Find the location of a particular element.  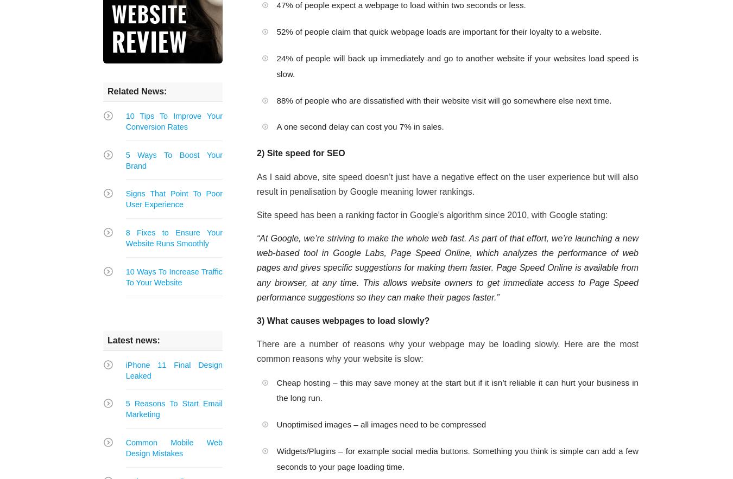

'Related News:' is located at coordinates (108, 91).